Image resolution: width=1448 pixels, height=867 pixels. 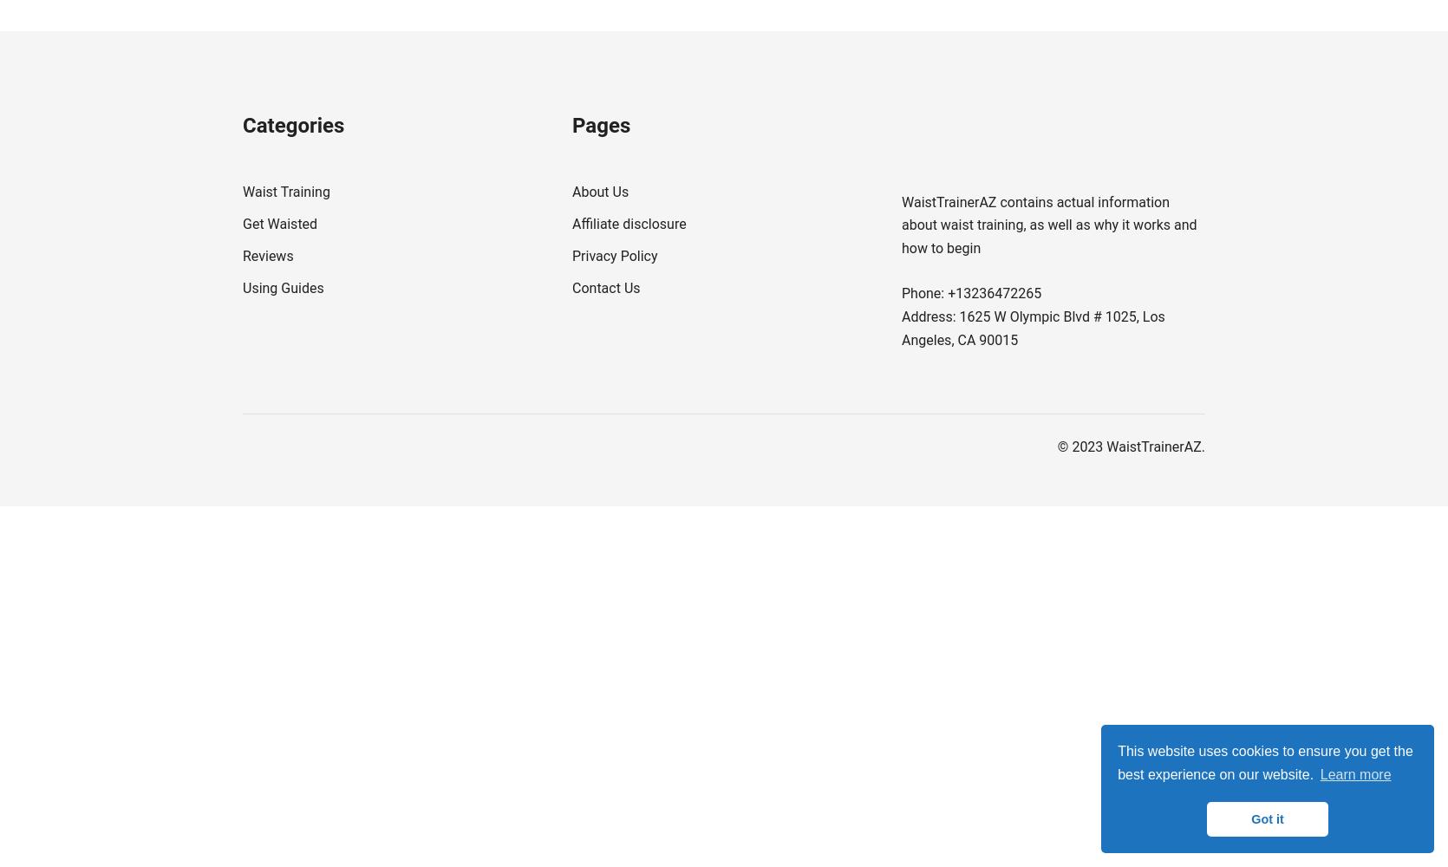 What do you see at coordinates (1033, 328) in the screenshot?
I see `'Address: 1625 W Olympic Blvd # 1025, Los Angeles, CA 90015'` at bounding box center [1033, 328].